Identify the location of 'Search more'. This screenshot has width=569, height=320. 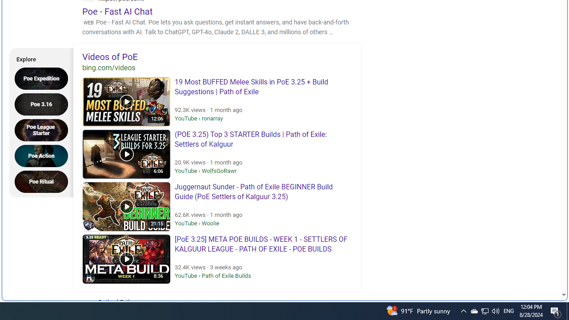
(543, 268).